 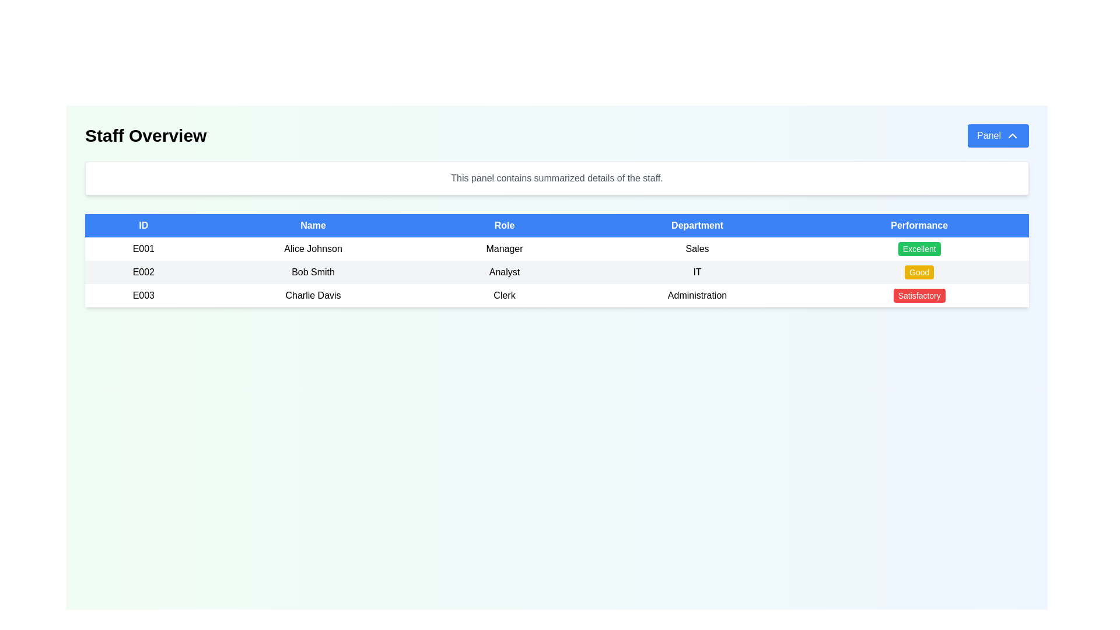 What do you see at coordinates (919, 295) in the screenshot?
I see `the 'Satisfactory' label or badge with a red background that is located in the 'Performance' column for the row labeled 'E003' associated with 'Charlie Davis' and 'Clerk'` at bounding box center [919, 295].